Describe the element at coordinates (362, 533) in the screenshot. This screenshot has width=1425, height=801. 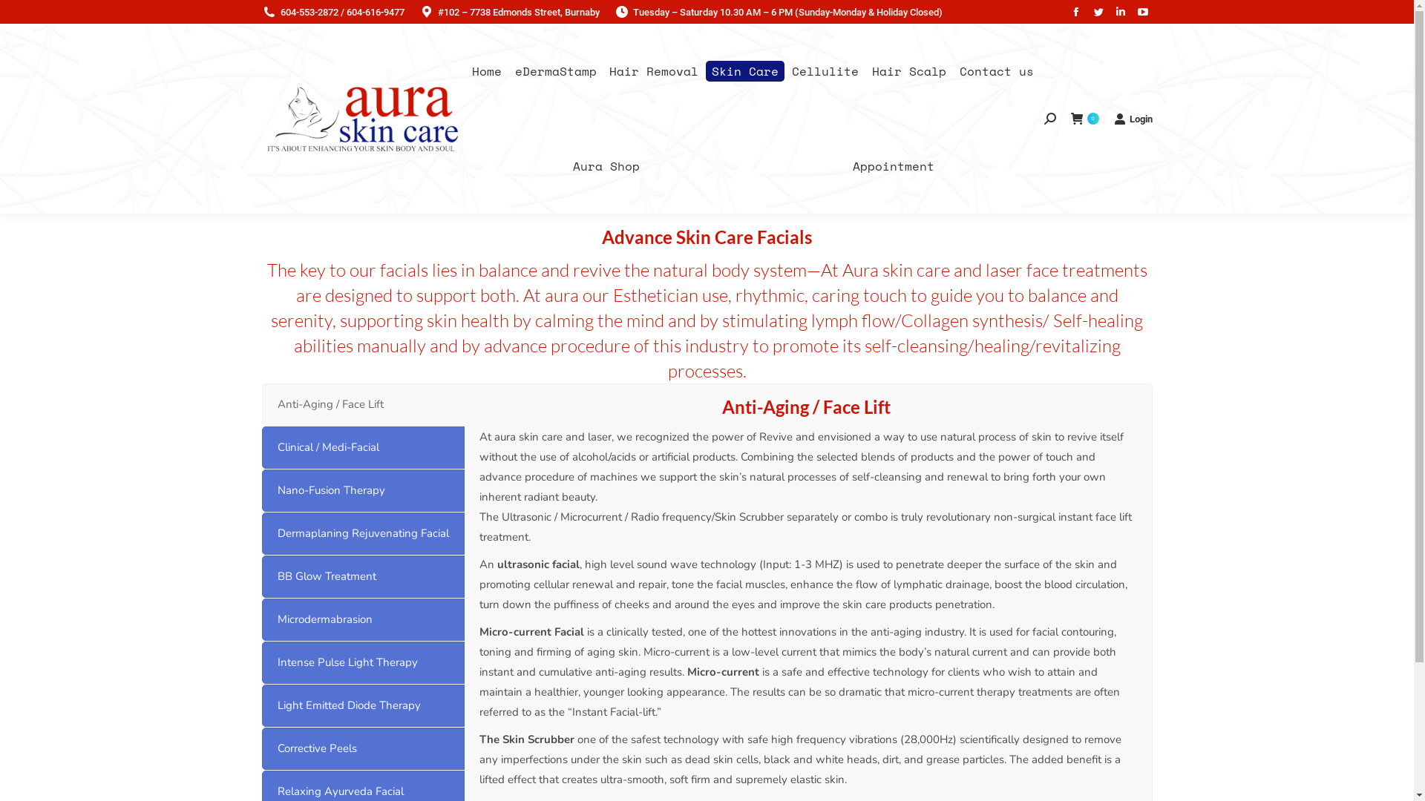
I see `'Dermaplaning Rejuvenating Facial'` at that location.